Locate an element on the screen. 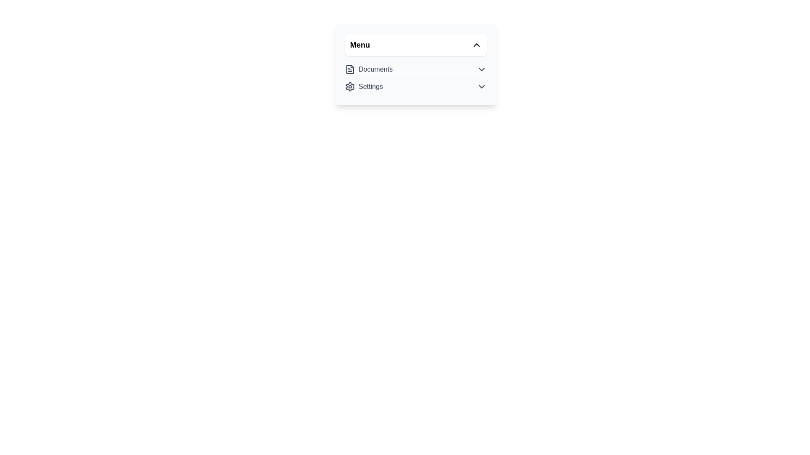 The image size is (810, 455). the 'Settings' menu item located within the dropdown menu under 'Menu' is located at coordinates (416, 86).